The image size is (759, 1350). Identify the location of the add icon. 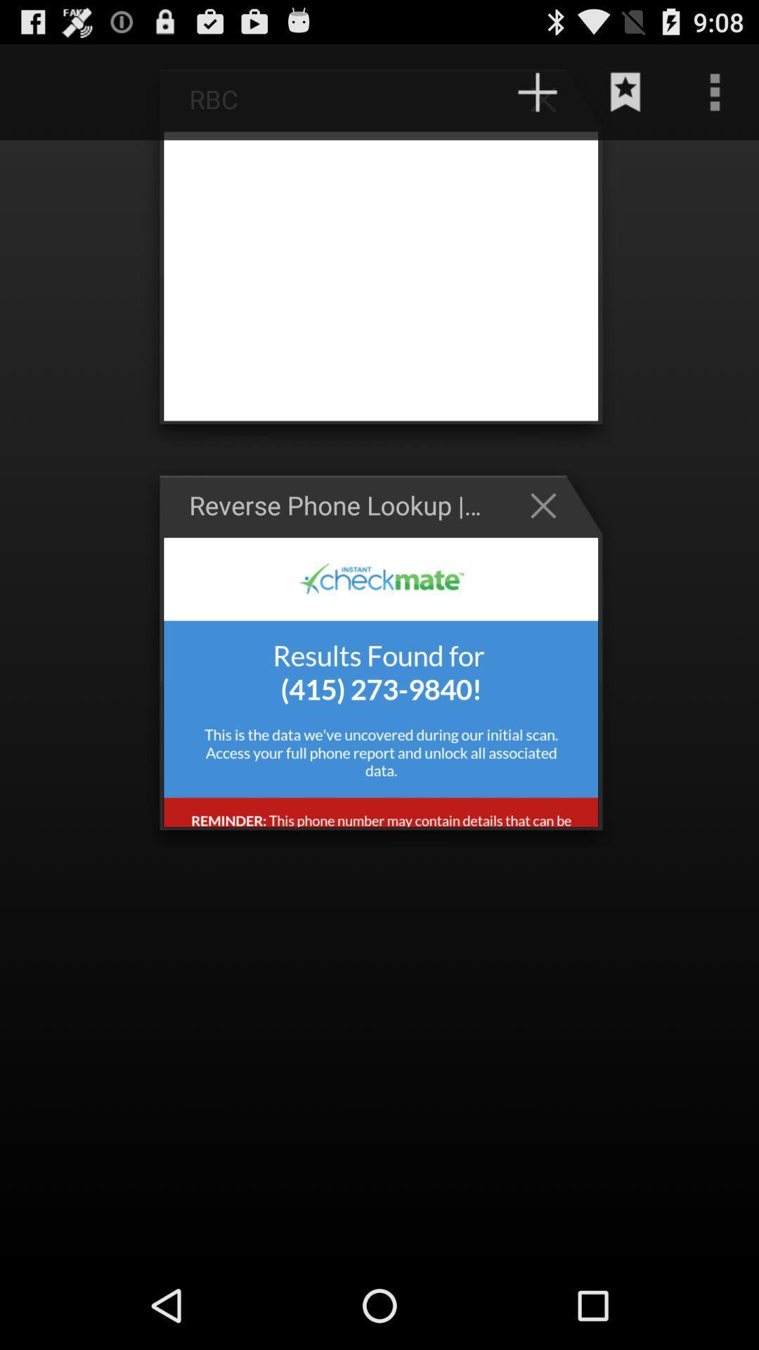
(537, 98).